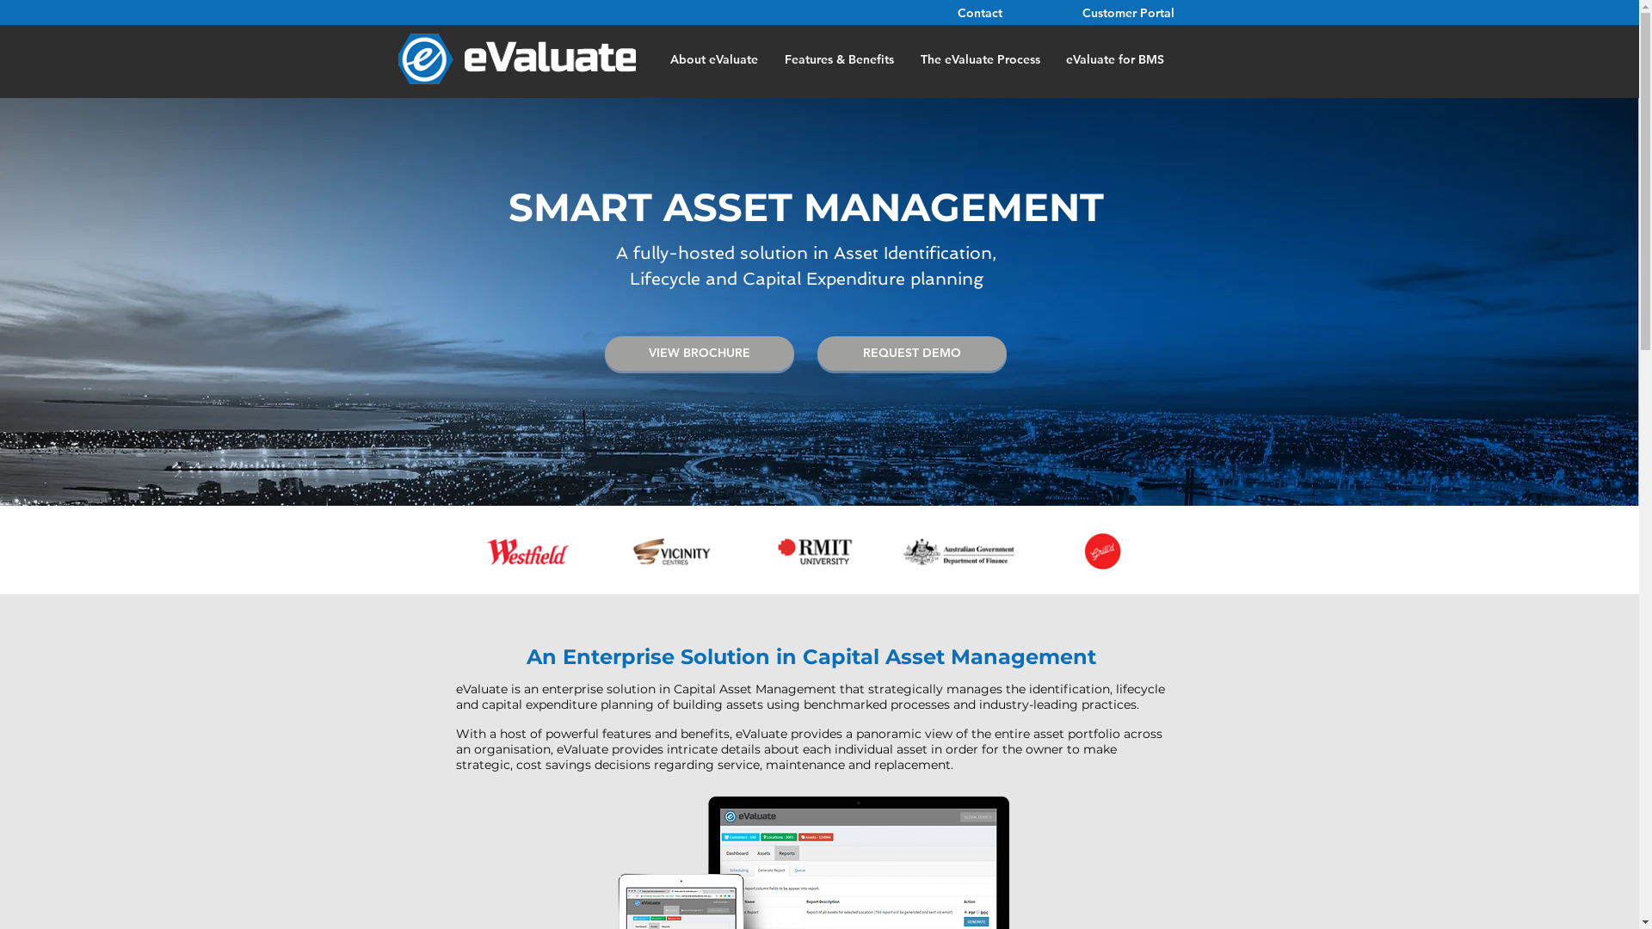 This screenshot has width=1652, height=929. I want to click on 'Features & Benefits', so click(838, 57).